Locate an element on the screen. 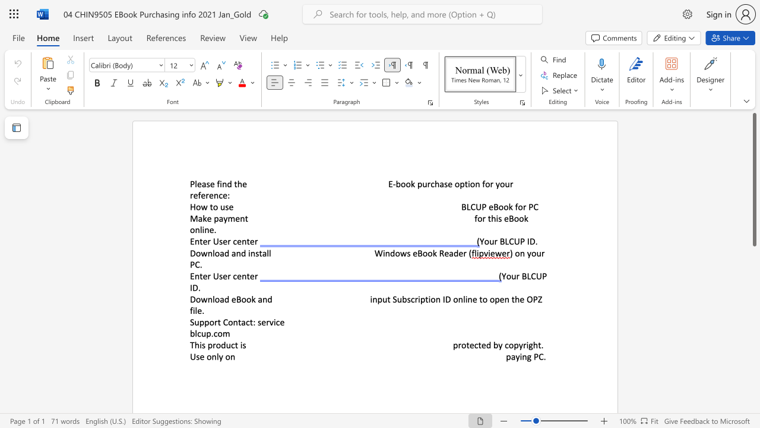 Image resolution: width=760 pixels, height=428 pixels. the 1th character "o" in the text is located at coordinates (218, 345).